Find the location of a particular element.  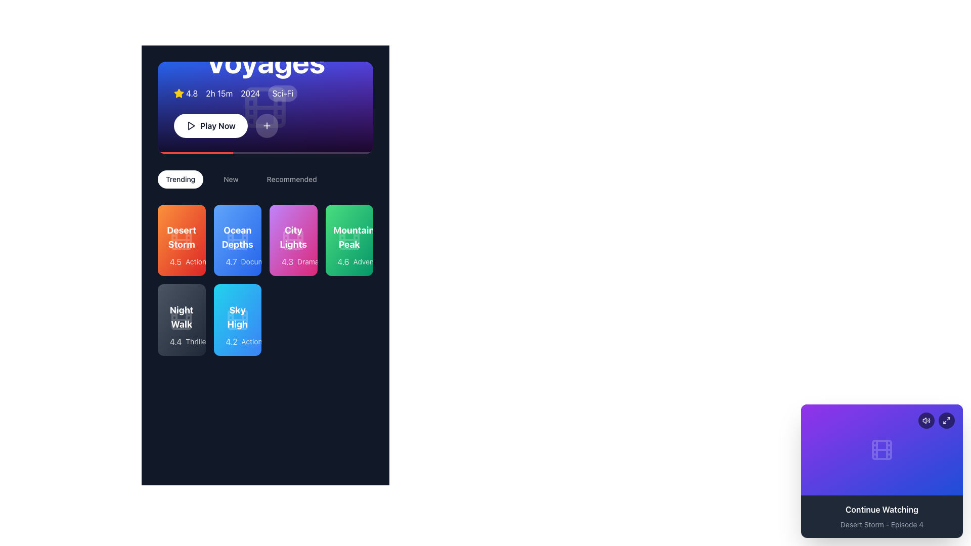

the genre label that displays the content's category, located at the fourth position from the left in the metadata group is located at coordinates (283, 93).